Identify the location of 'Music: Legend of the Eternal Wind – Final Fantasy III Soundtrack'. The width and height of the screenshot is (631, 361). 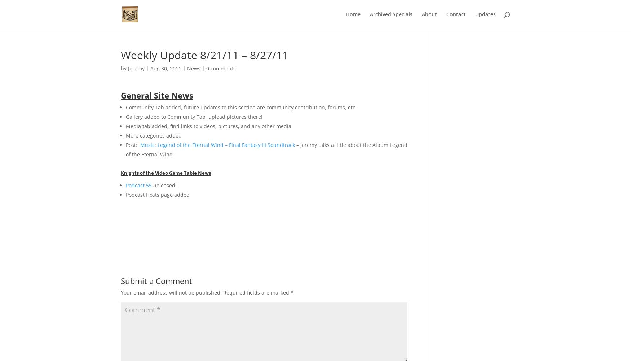
(140, 144).